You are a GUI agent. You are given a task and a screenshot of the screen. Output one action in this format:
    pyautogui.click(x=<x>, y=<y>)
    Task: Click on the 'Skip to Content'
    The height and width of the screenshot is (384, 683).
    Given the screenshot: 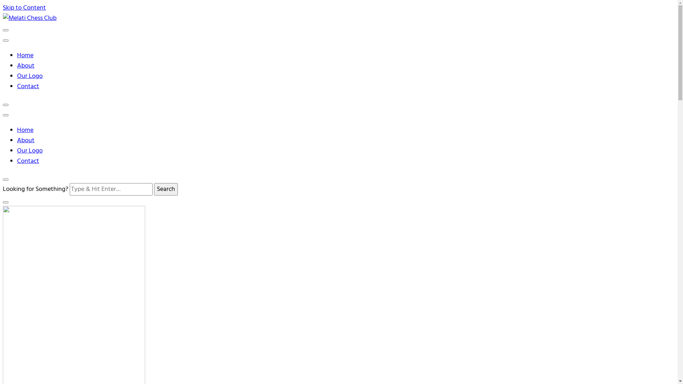 What is the action you would take?
    pyautogui.click(x=24, y=8)
    